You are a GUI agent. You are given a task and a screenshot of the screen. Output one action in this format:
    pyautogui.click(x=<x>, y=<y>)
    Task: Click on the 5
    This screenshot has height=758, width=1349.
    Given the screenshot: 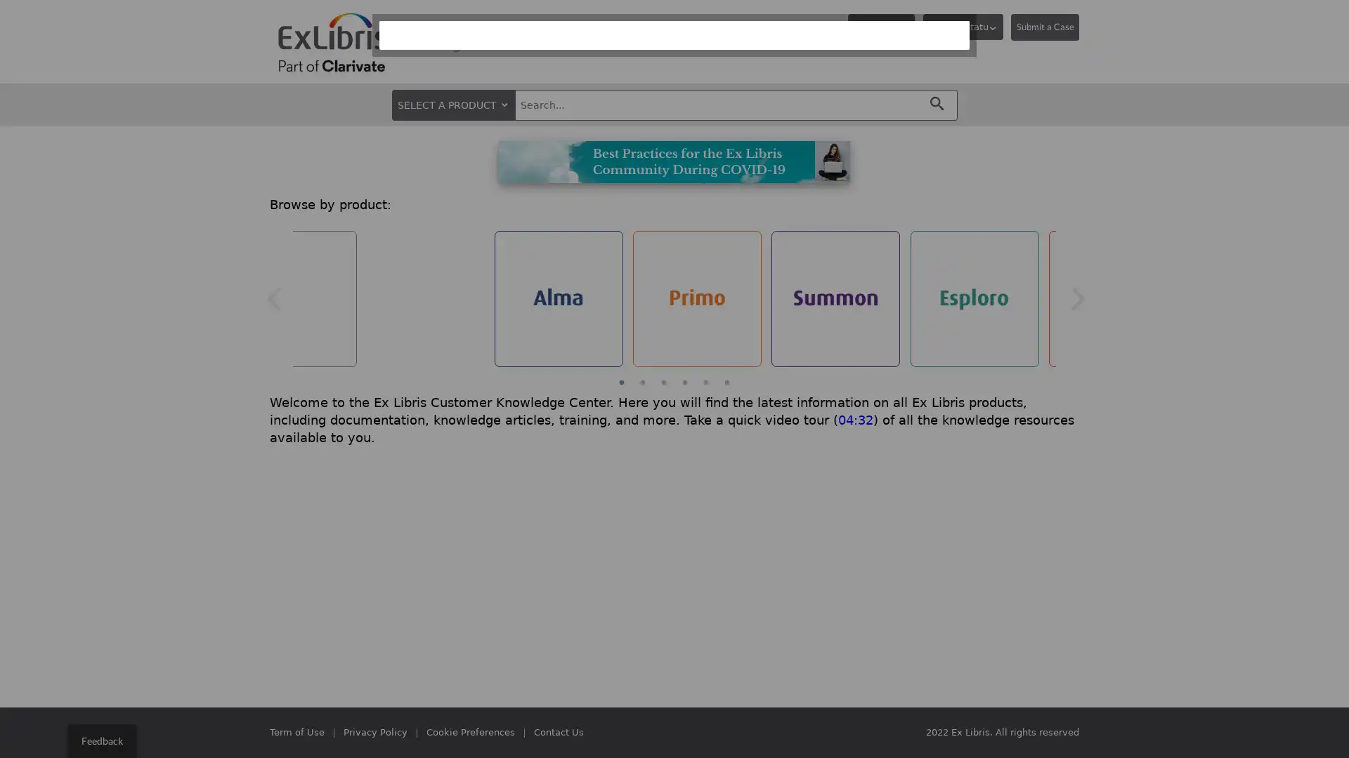 What is the action you would take?
    pyautogui.click(x=705, y=382)
    